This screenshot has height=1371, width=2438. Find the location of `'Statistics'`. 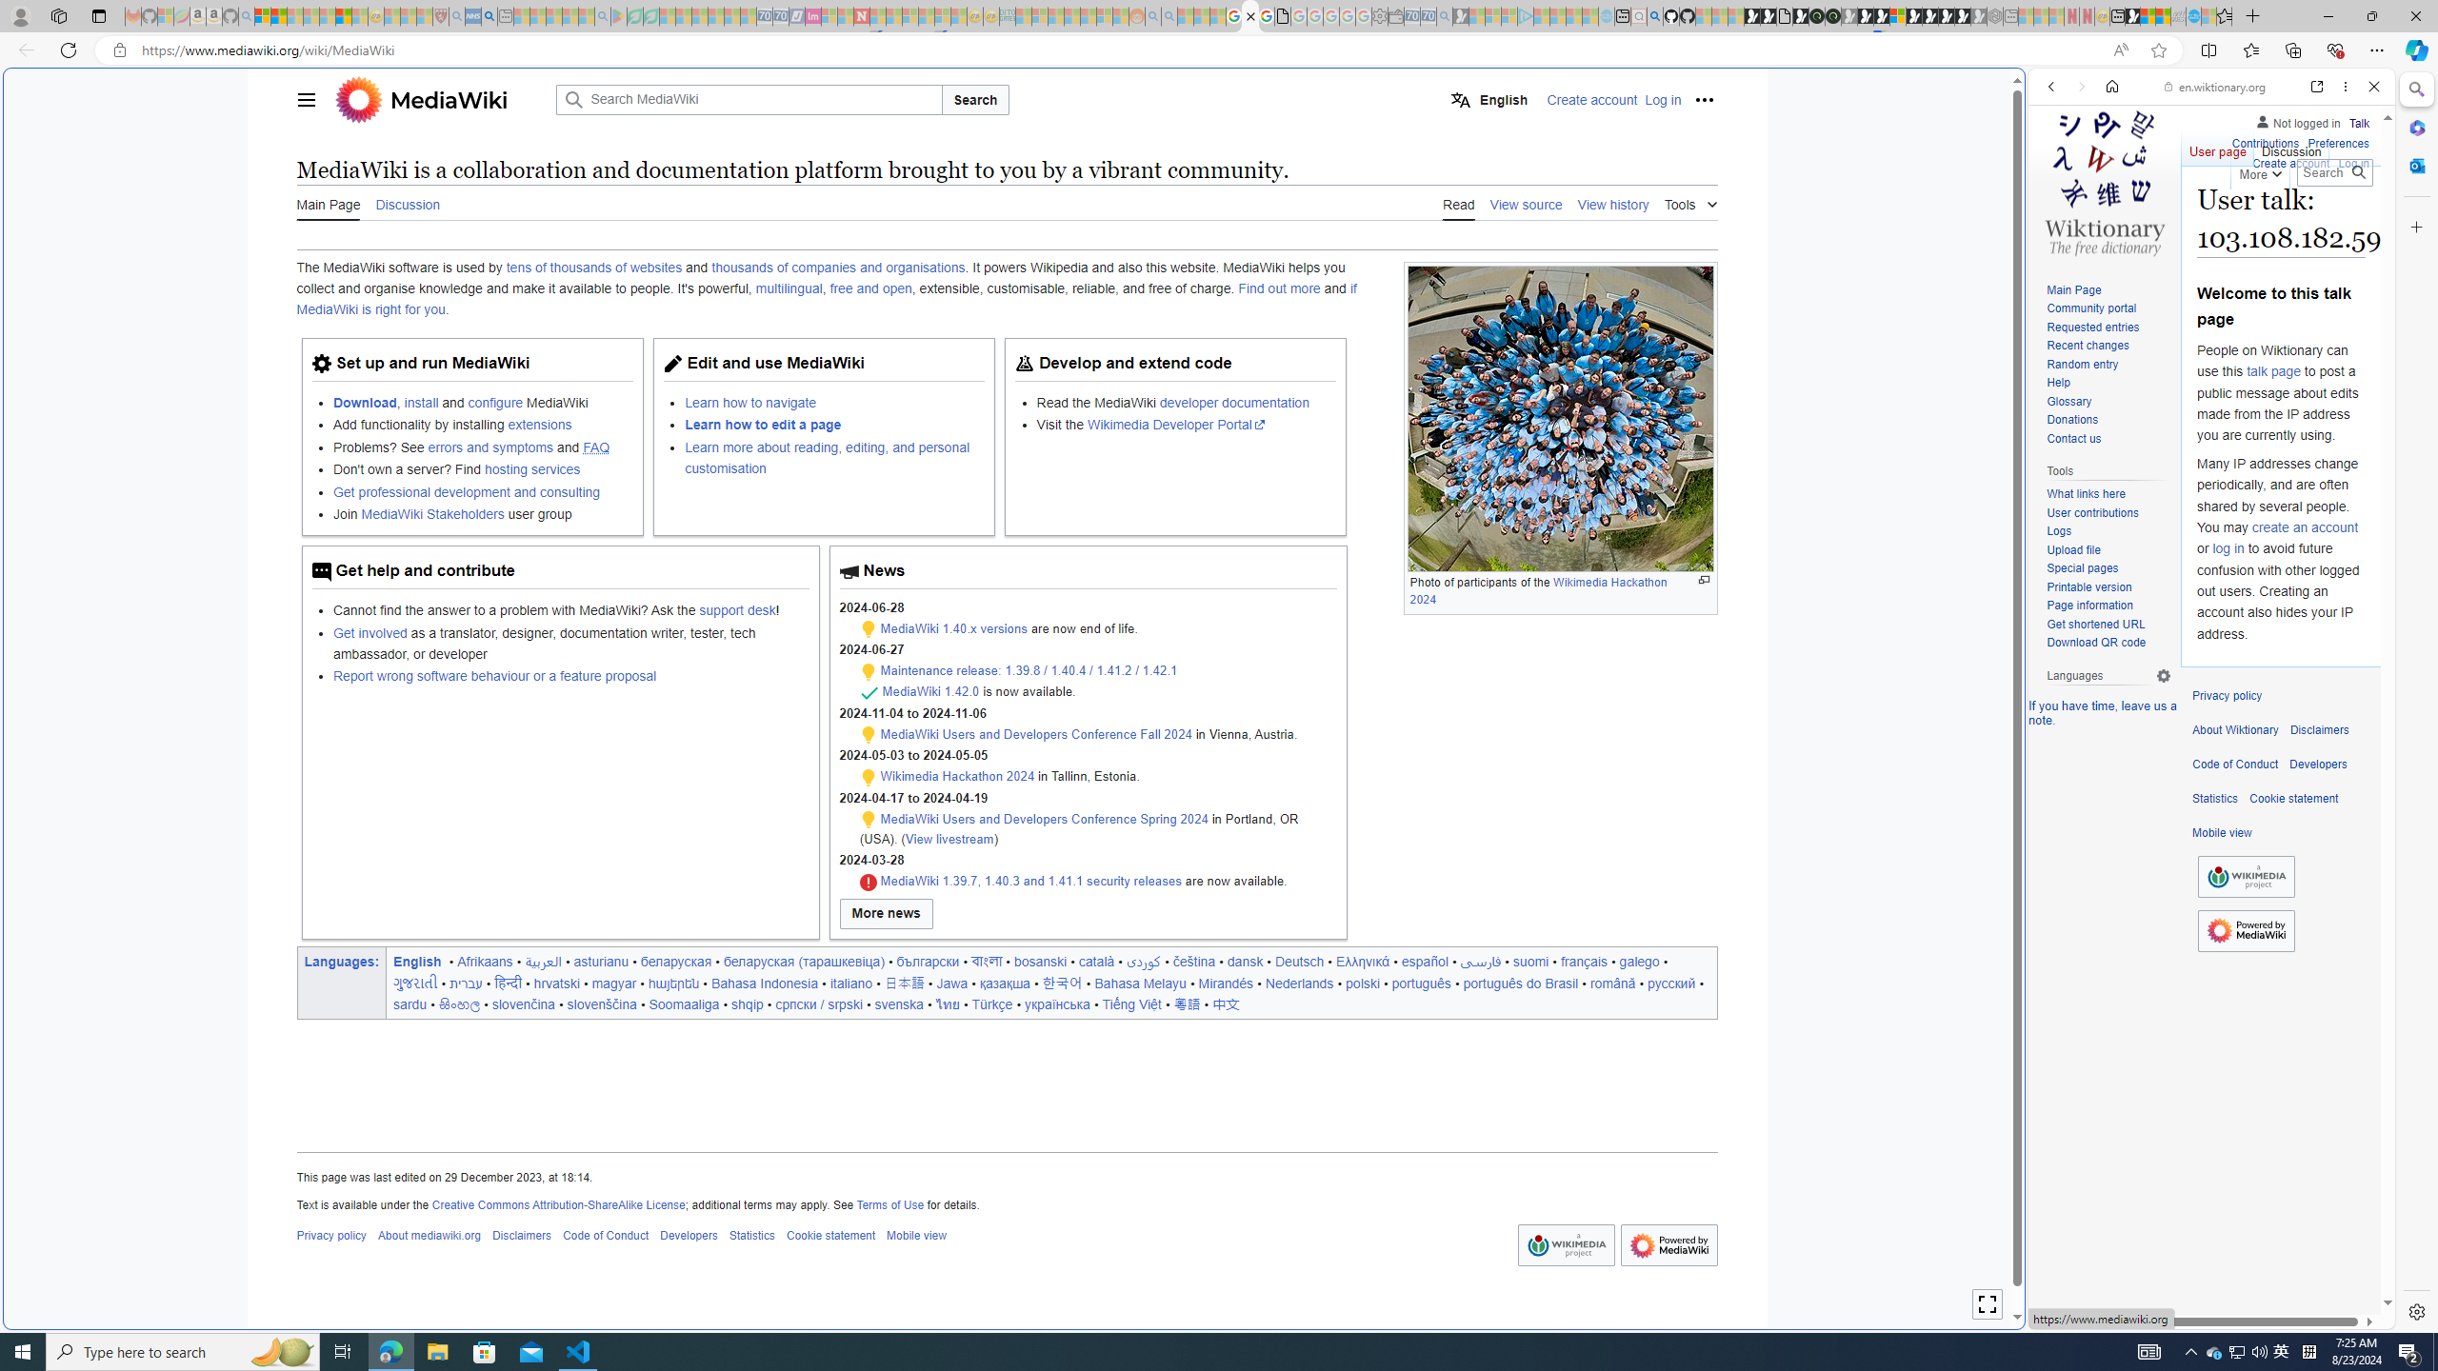

'Statistics' is located at coordinates (2213, 798).